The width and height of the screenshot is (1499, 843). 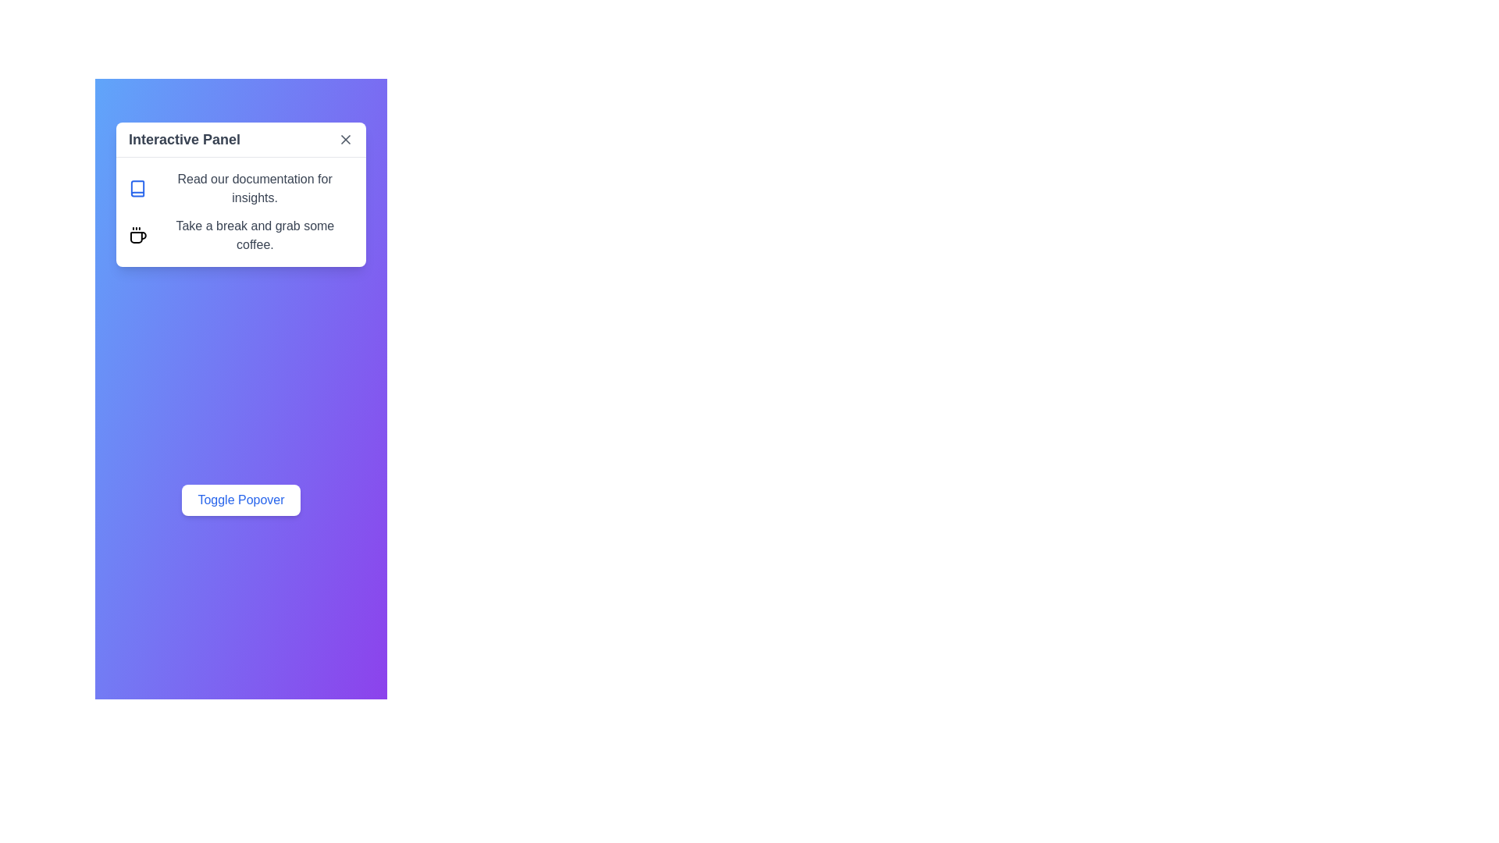 What do you see at coordinates (255, 188) in the screenshot?
I see `the text element displaying 'Read our documentation for insights.' styled in gray, located to the right of a blue book icon within the 'Interactive Panel.'` at bounding box center [255, 188].